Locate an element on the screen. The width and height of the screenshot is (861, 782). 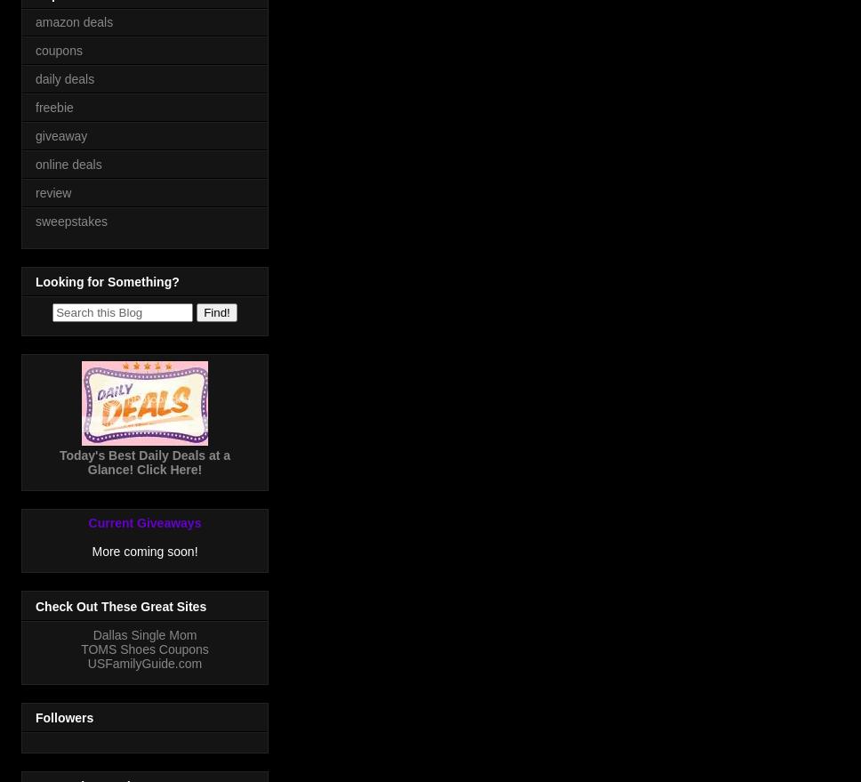
'giveaway' is located at coordinates (60, 134).